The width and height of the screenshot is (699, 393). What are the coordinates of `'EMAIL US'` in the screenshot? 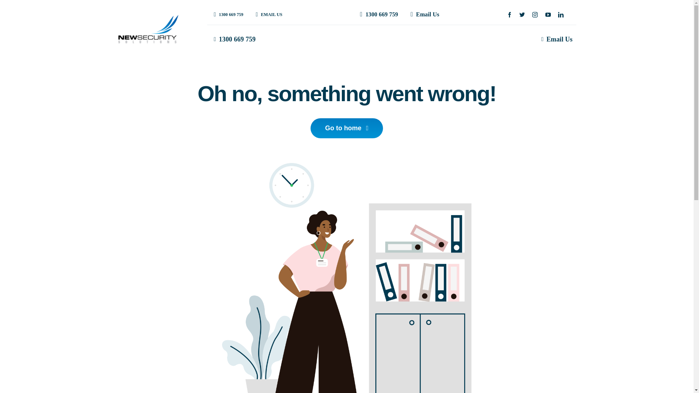 It's located at (267, 14).